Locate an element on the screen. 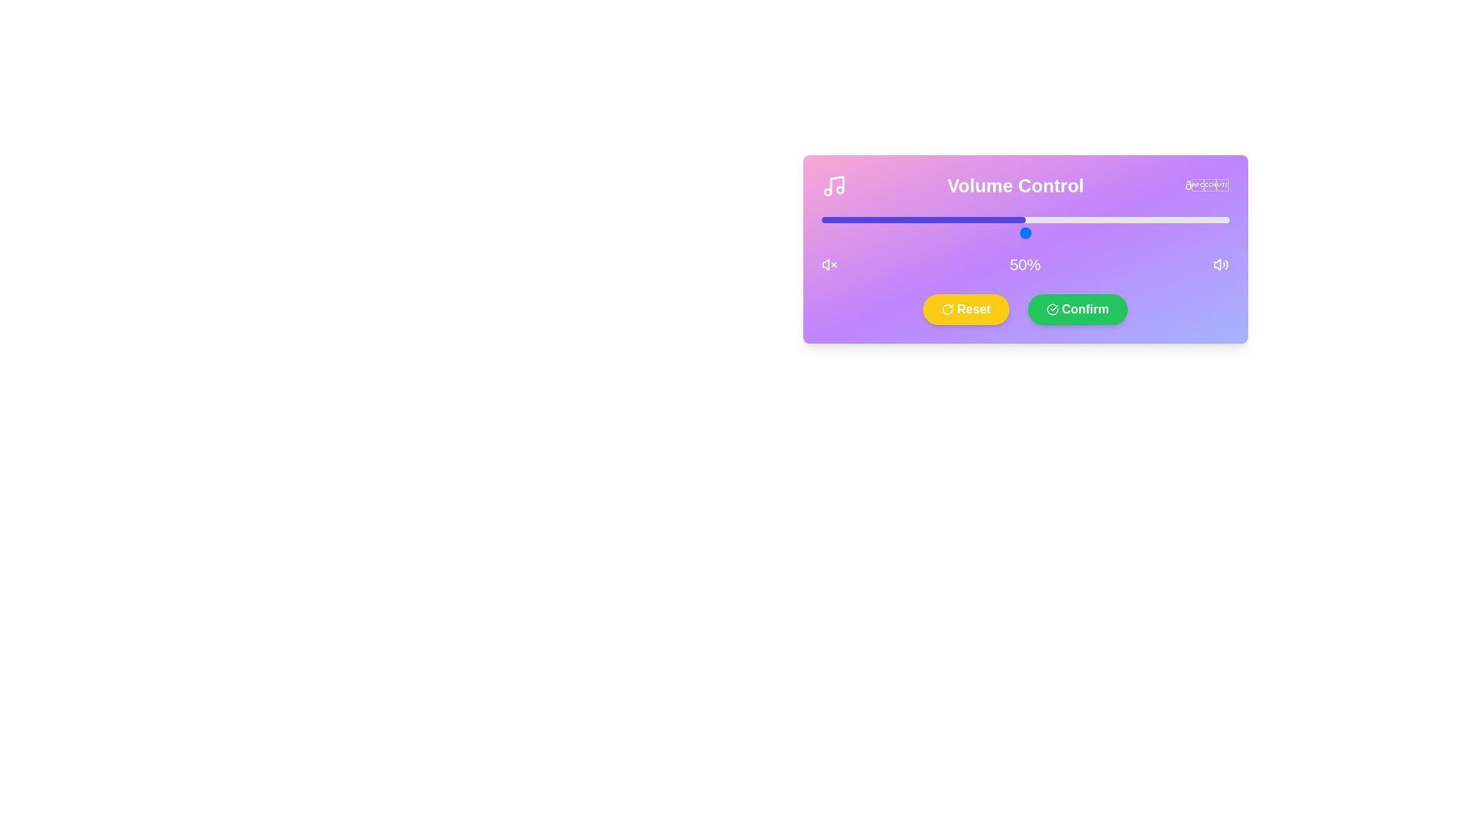 Image resolution: width=1483 pixels, height=834 pixels. the green 'Confirm' button with a checkmark icon, located in the bottom center of the card interface is located at coordinates (1077, 310).